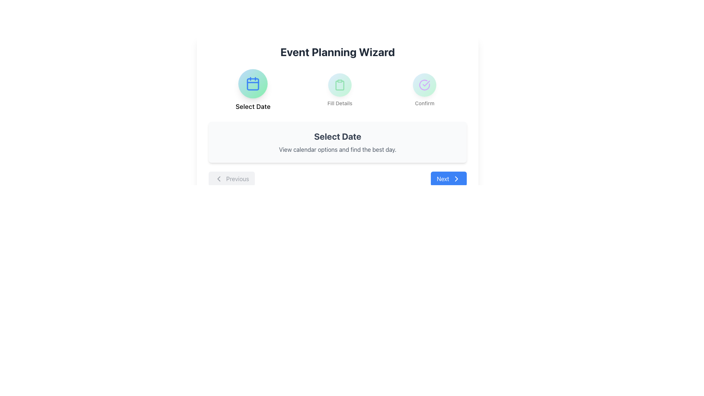 The width and height of the screenshot is (704, 396). Describe the element at coordinates (253, 90) in the screenshot. I see `the circular option button labeled 'Select Date' with a blue calendar icon` at that location.